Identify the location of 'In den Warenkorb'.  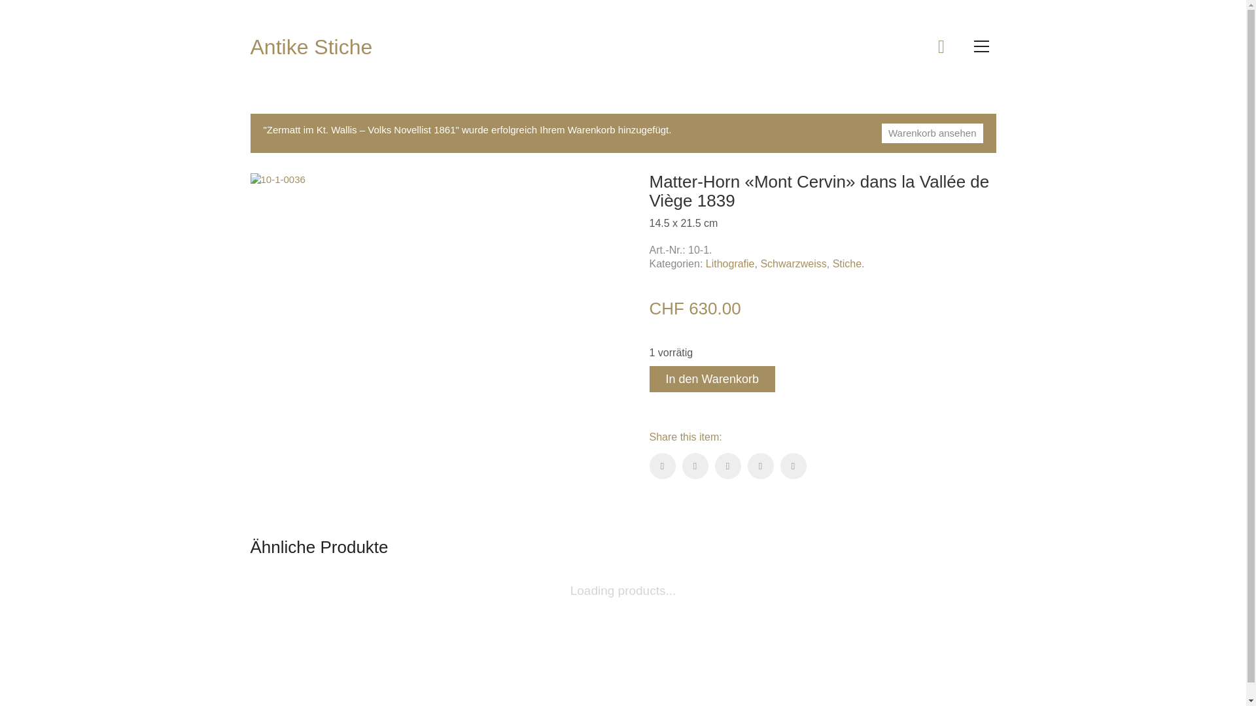
(711, 378).